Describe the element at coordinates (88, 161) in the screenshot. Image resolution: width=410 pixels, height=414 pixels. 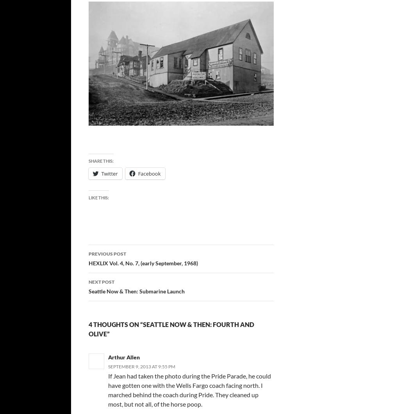
I see `'Share this:'` at that location.